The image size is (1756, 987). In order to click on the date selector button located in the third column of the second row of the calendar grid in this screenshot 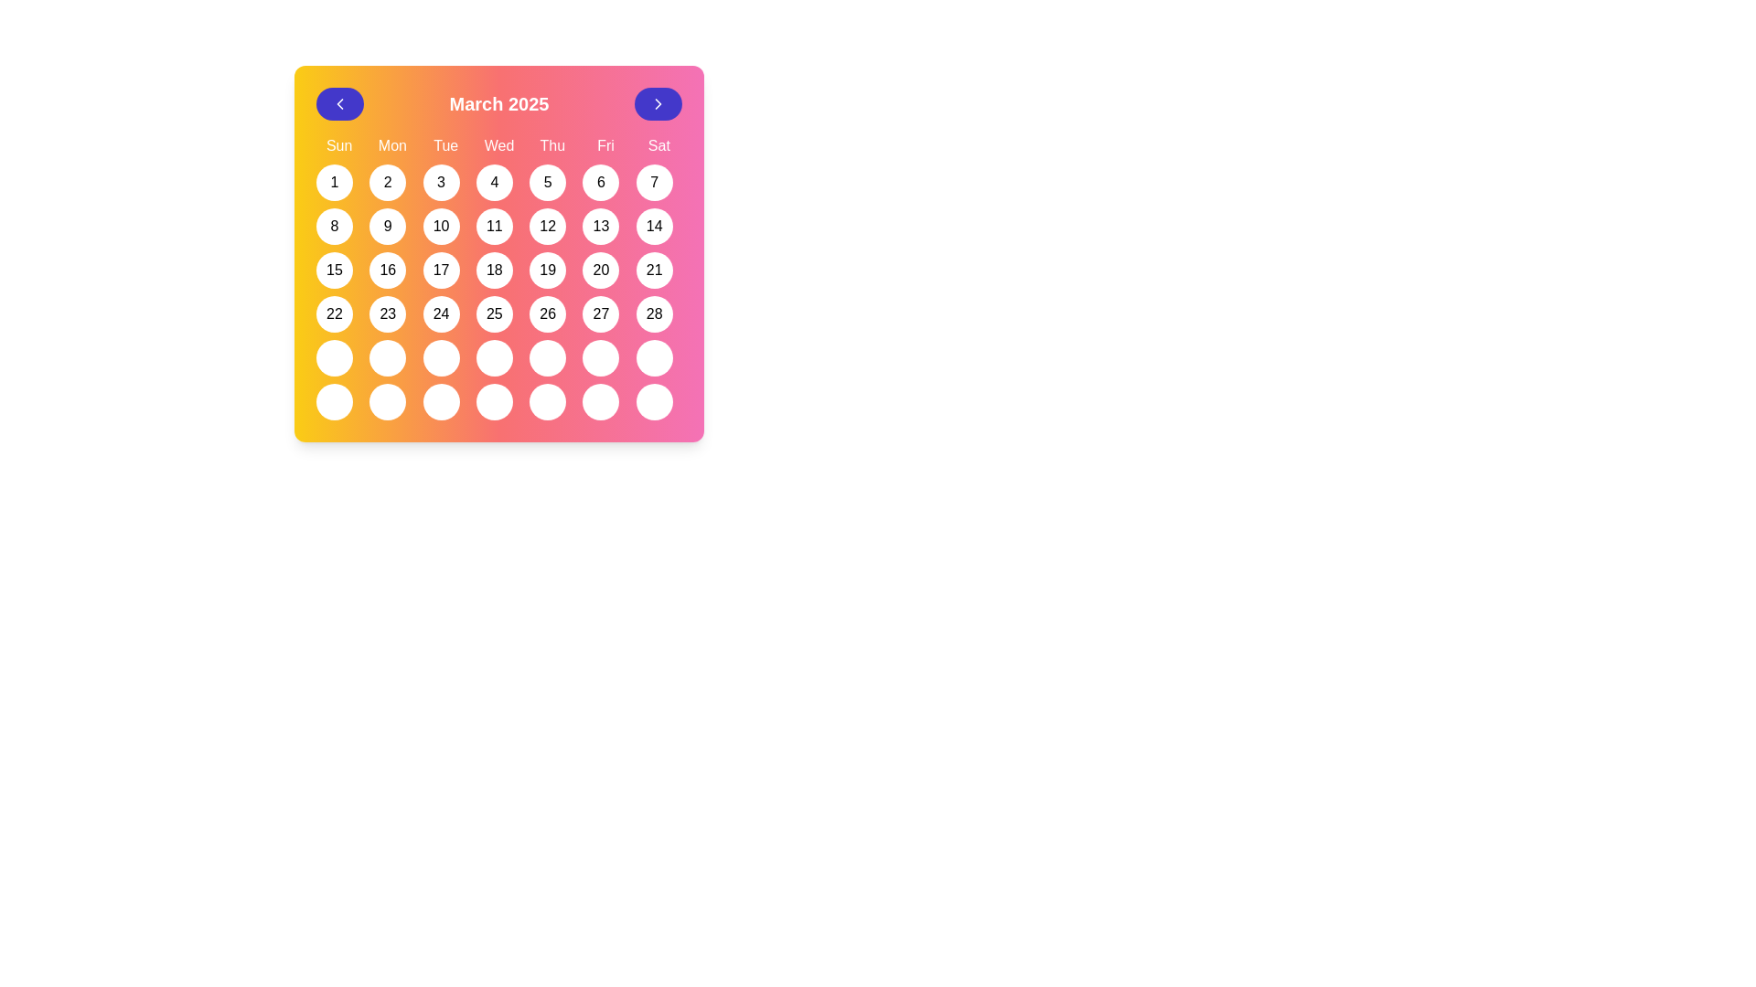, I will do `click(387, 225)`.